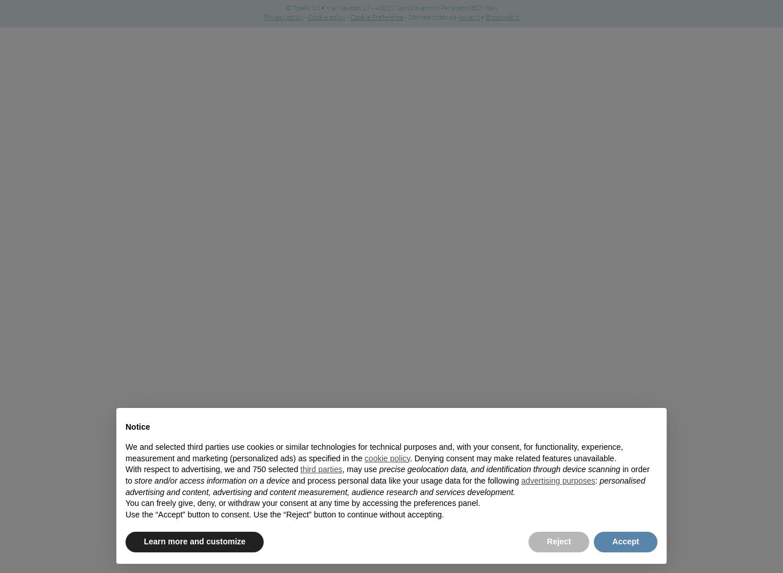  I want to click on 'precise geolocation data, and identification through device scanning', so click(378, 469).